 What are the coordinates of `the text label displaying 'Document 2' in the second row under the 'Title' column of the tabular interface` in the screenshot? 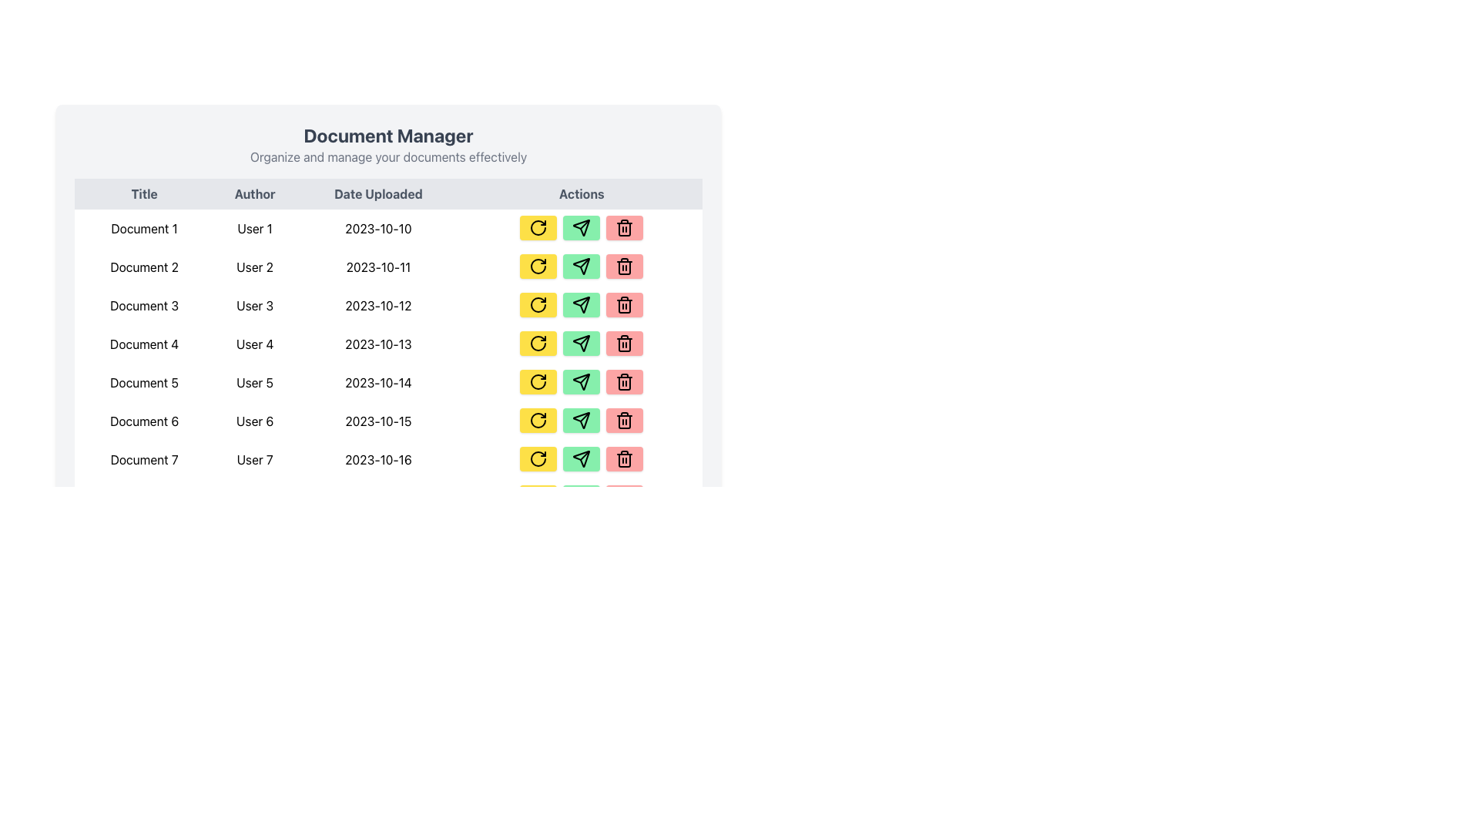 It's located at (144, 267).